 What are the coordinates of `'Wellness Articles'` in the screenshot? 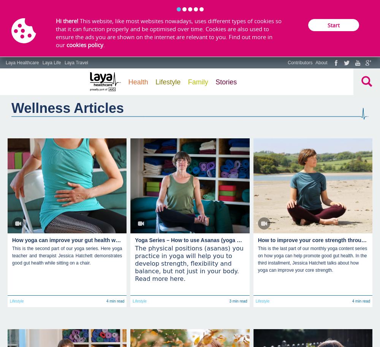 It's located at (68, 108).